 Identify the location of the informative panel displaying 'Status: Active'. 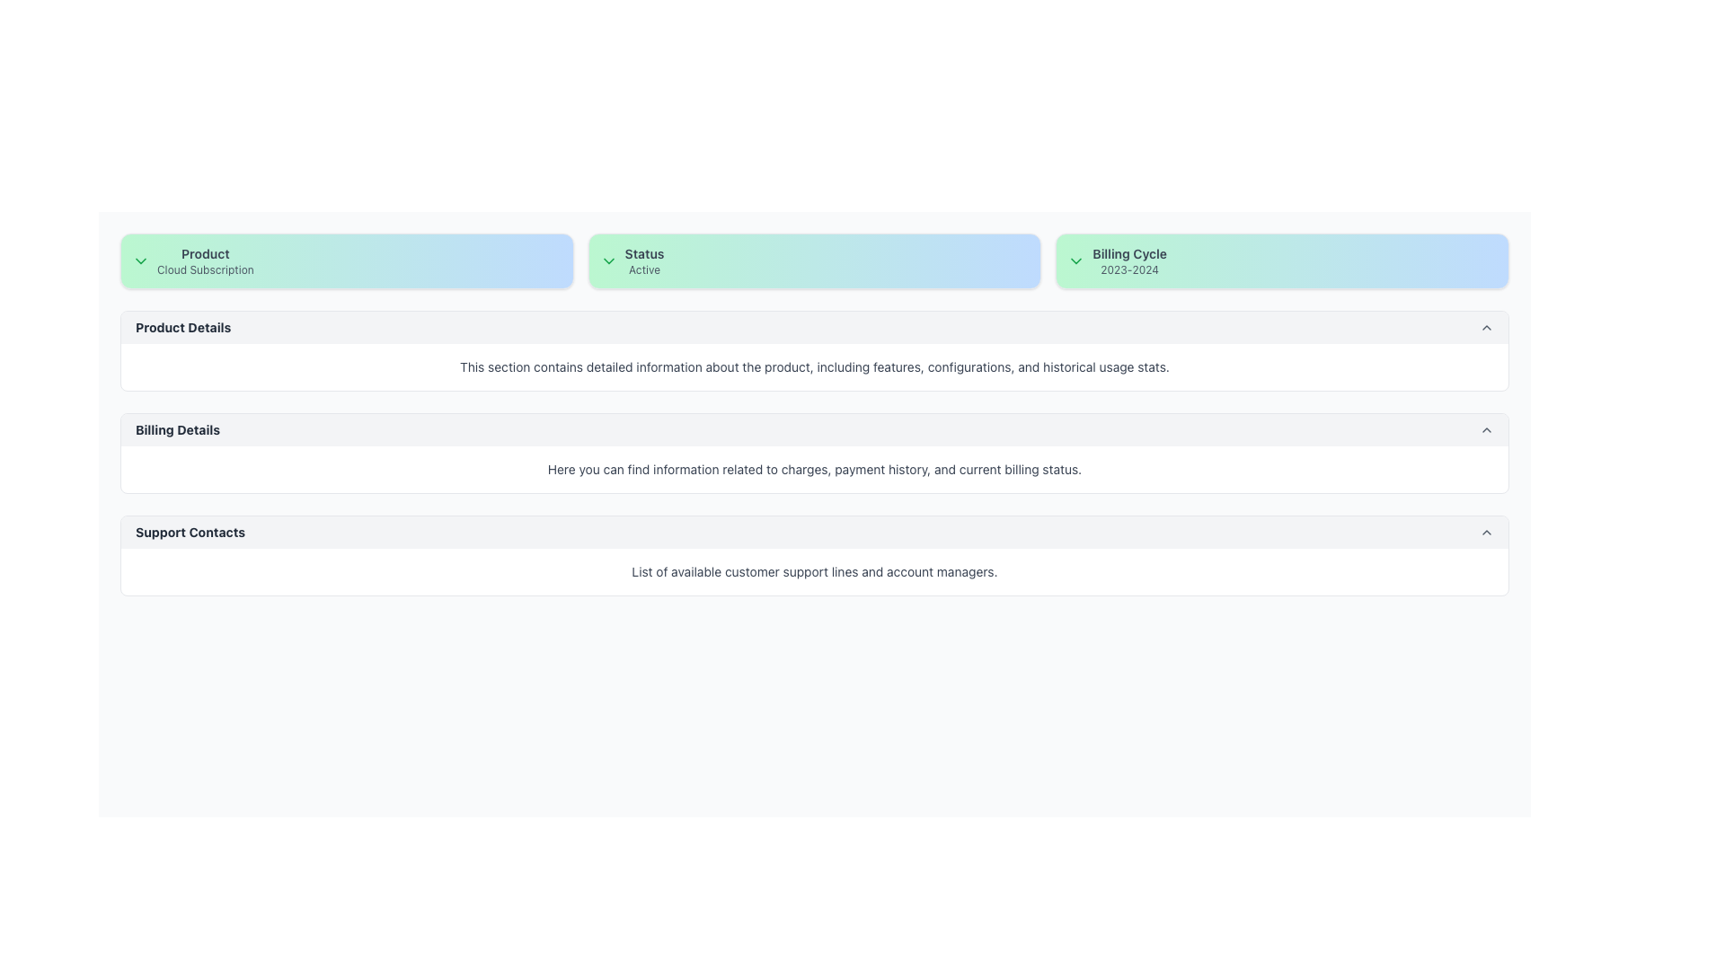
(814, 260).